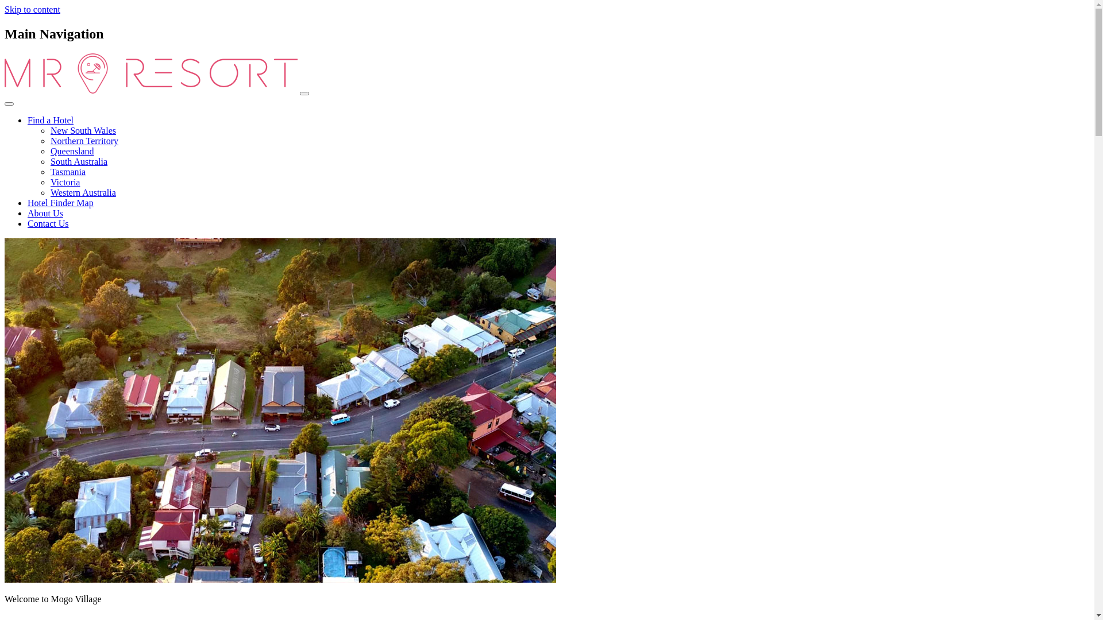 This screenshot has height=620, width=1103. Describe the element at coordinates (49, 130) in the screenshot. I see `'New South Wales'` at that location.